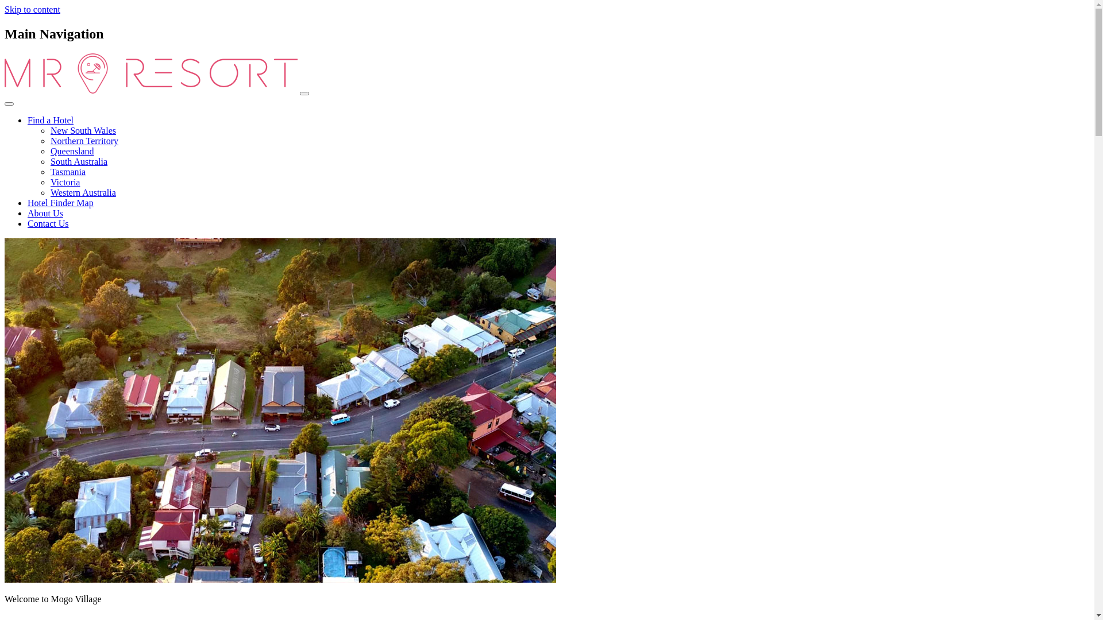 This screenshot has height=620, width=1103. Describe the element at coordinates (49, 130) in the screenshot. I see `'New South Wales'` at that location.